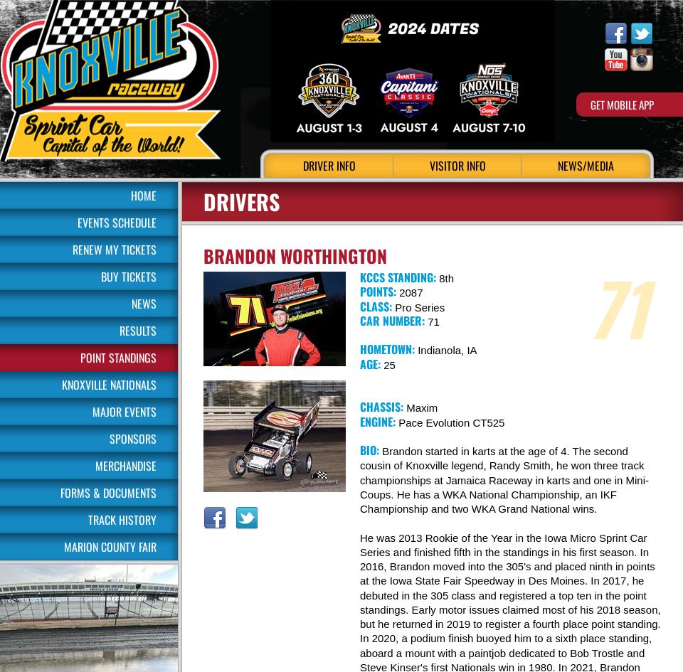 Image resolution: width=683 pixels, height=672 pixels. I want to click on 'News/Media', so click(585, 165).